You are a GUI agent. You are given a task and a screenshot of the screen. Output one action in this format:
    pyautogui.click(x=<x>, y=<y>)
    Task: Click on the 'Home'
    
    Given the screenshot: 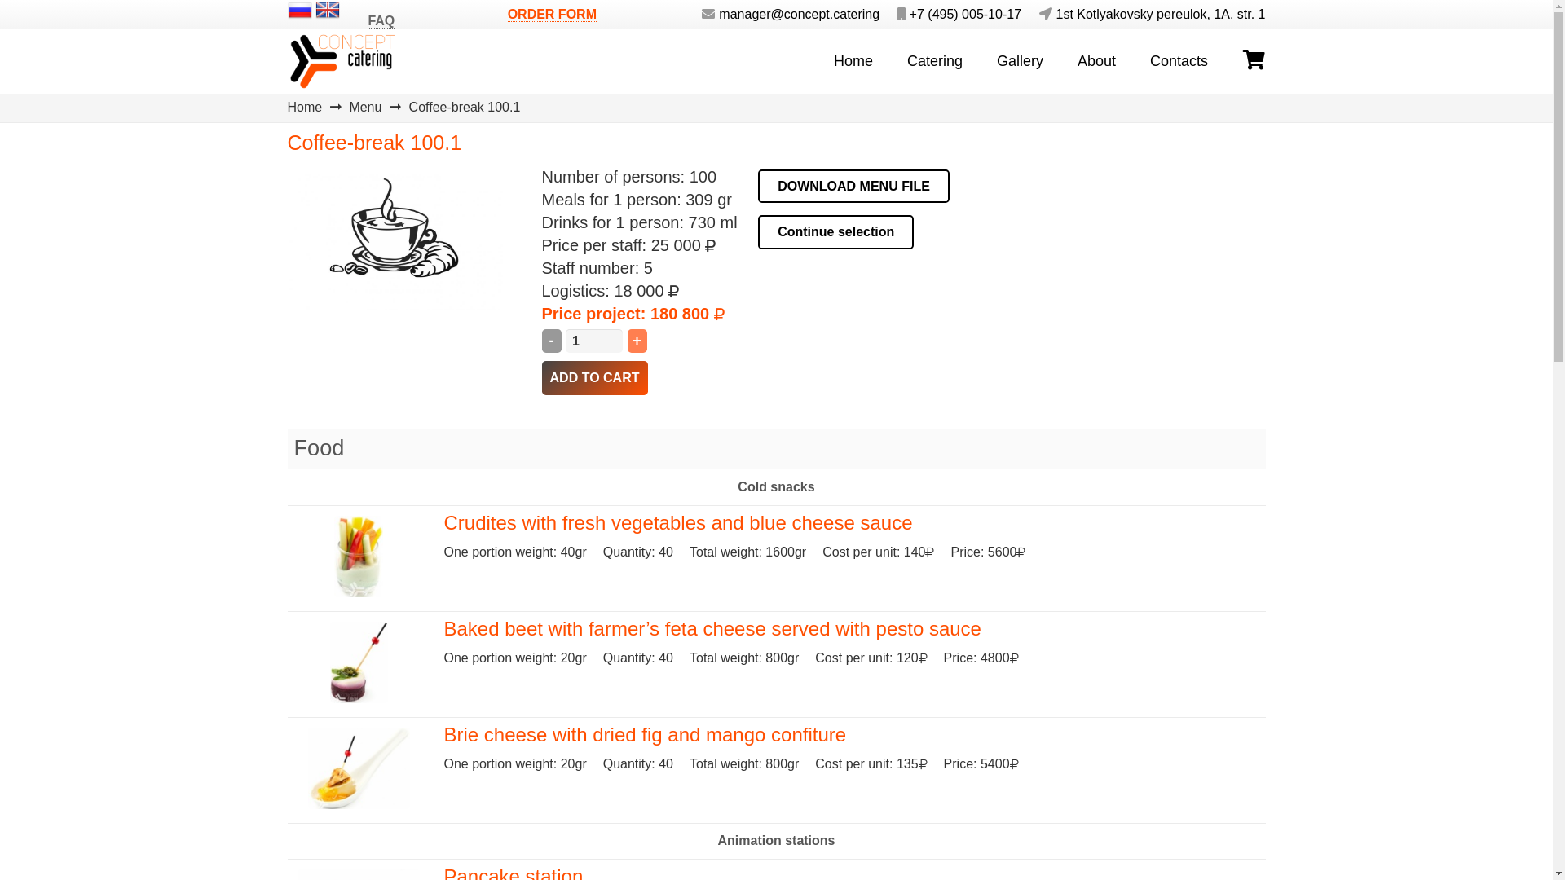 What is the action you would take?
    pyautogui.click(x=304, y=107)
    